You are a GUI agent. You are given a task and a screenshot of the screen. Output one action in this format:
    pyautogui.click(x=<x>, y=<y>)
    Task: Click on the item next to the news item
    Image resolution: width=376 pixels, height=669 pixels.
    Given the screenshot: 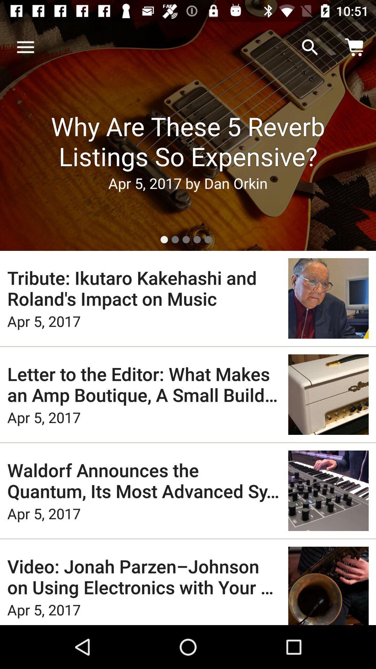 What is the action you would take?
    pyautogui.click(x=25, y=47)
    